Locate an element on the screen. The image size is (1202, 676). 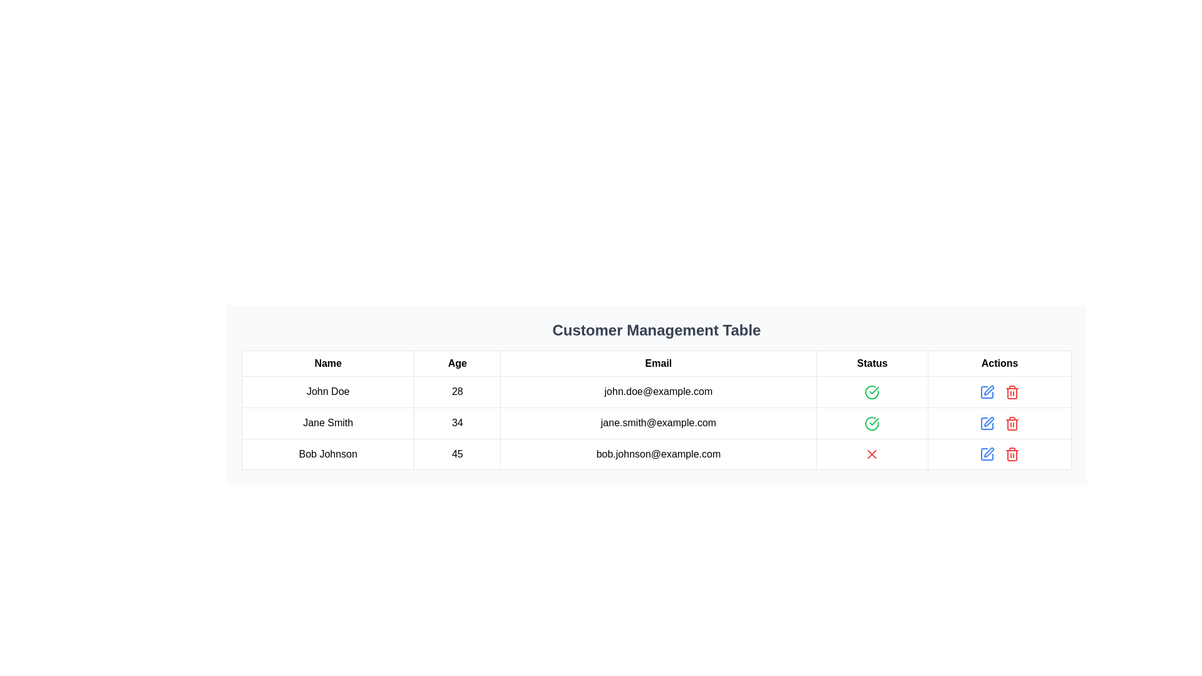
the red trash bin icon located in the 'Actions' column for 'Bob Johnson' is located at coordinates (1012, 454).